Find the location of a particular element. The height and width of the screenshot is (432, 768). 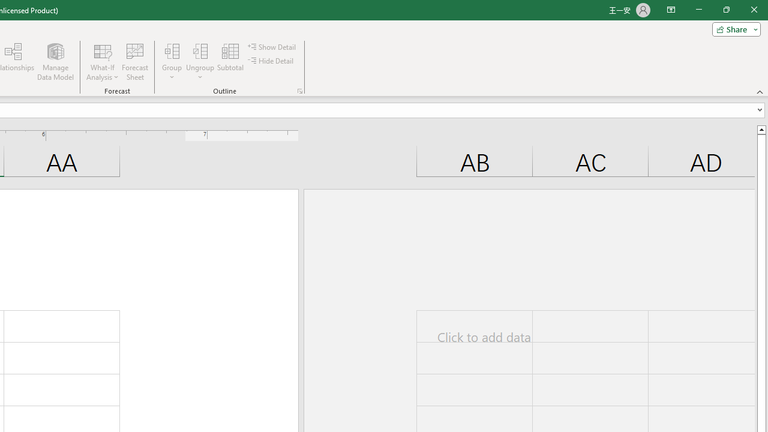

'Show Detail' is located at coordinates (272, 46).